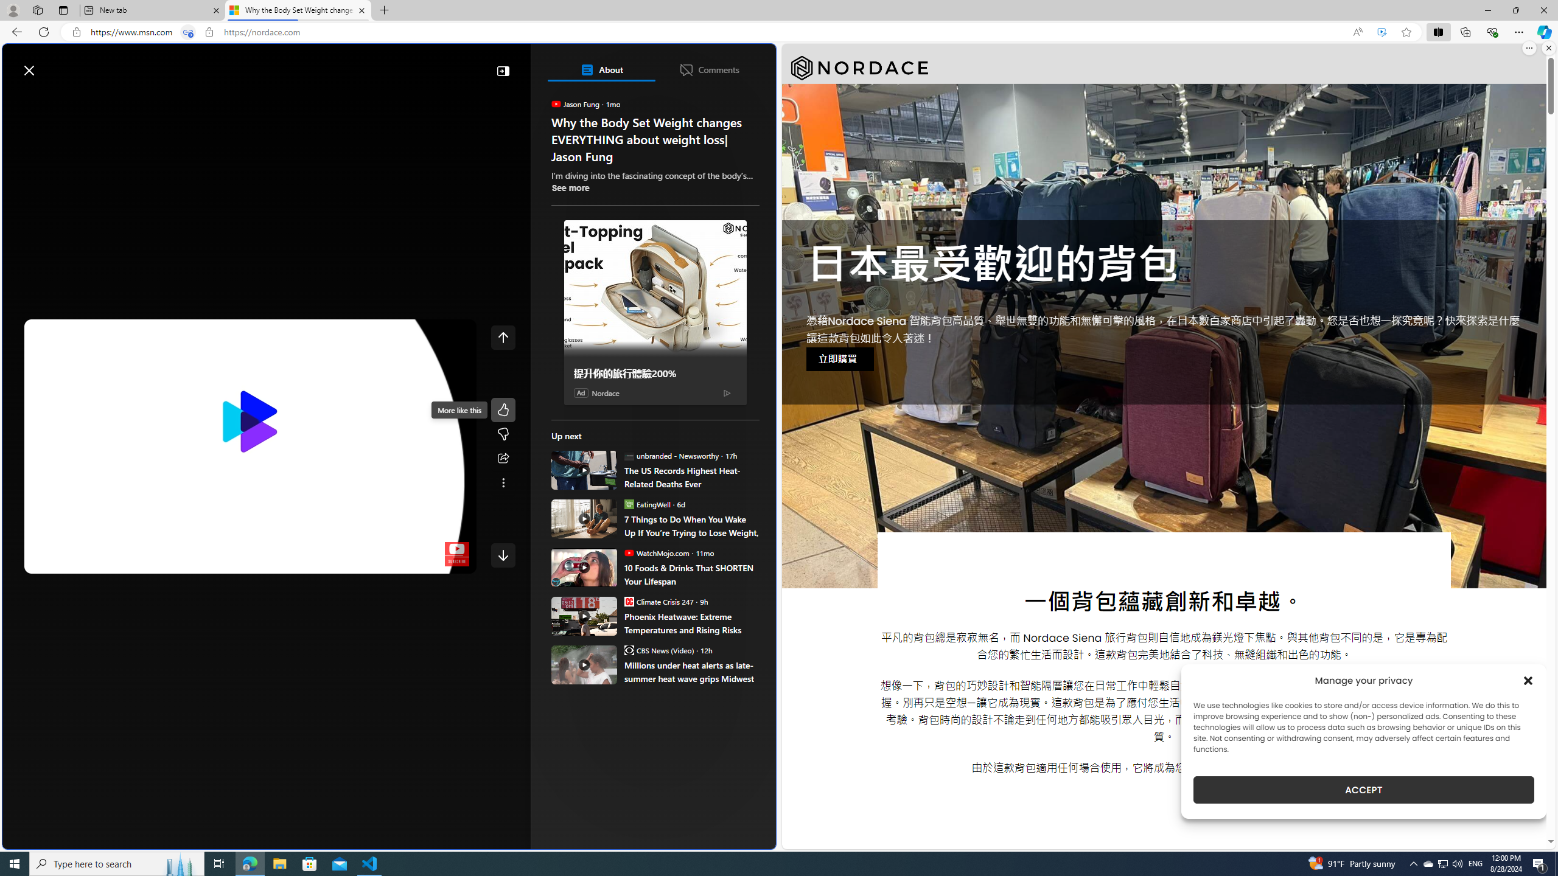 Image resolution: width=1558 pixels, height=876 pixels. What do you see at coordinates (658, 650) in the screenshot?
I see `'CBS News (Video) CBS News (Video)'` at bounding box center [658, 650].